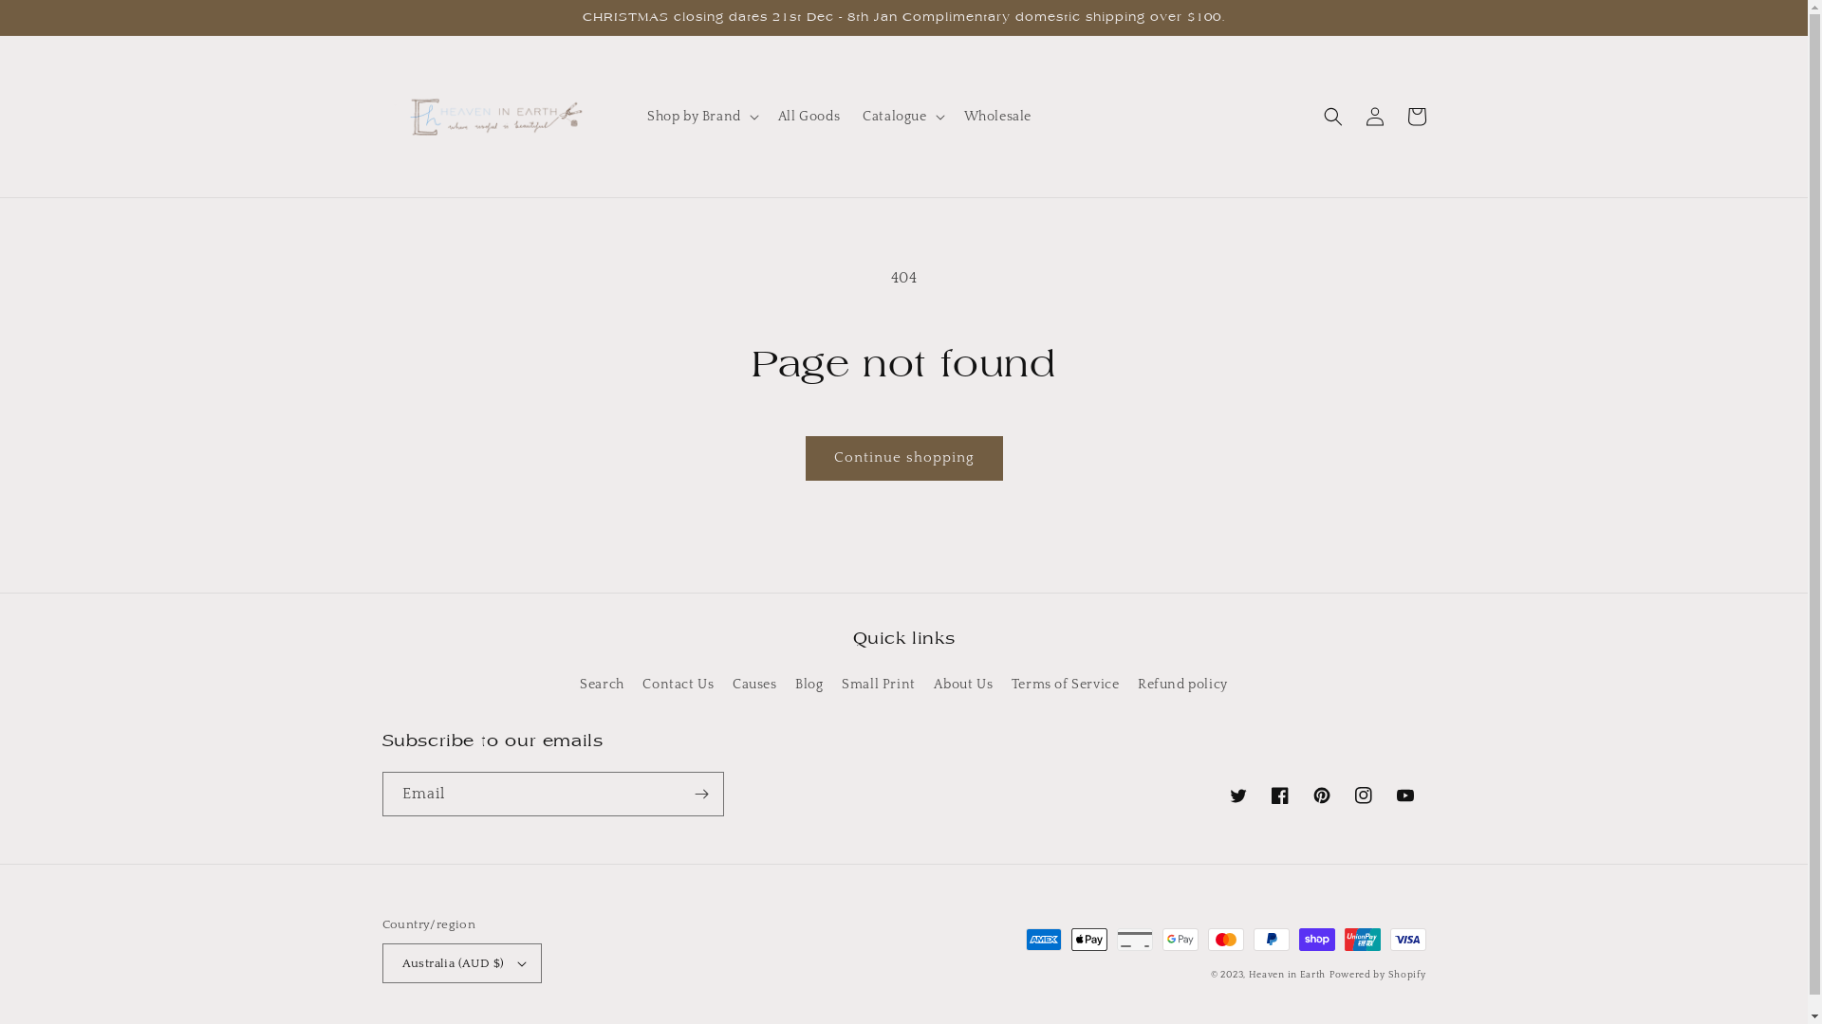 This screenshot has height=1024, width=1822. I want to click on 'Search', so click(601, 687).